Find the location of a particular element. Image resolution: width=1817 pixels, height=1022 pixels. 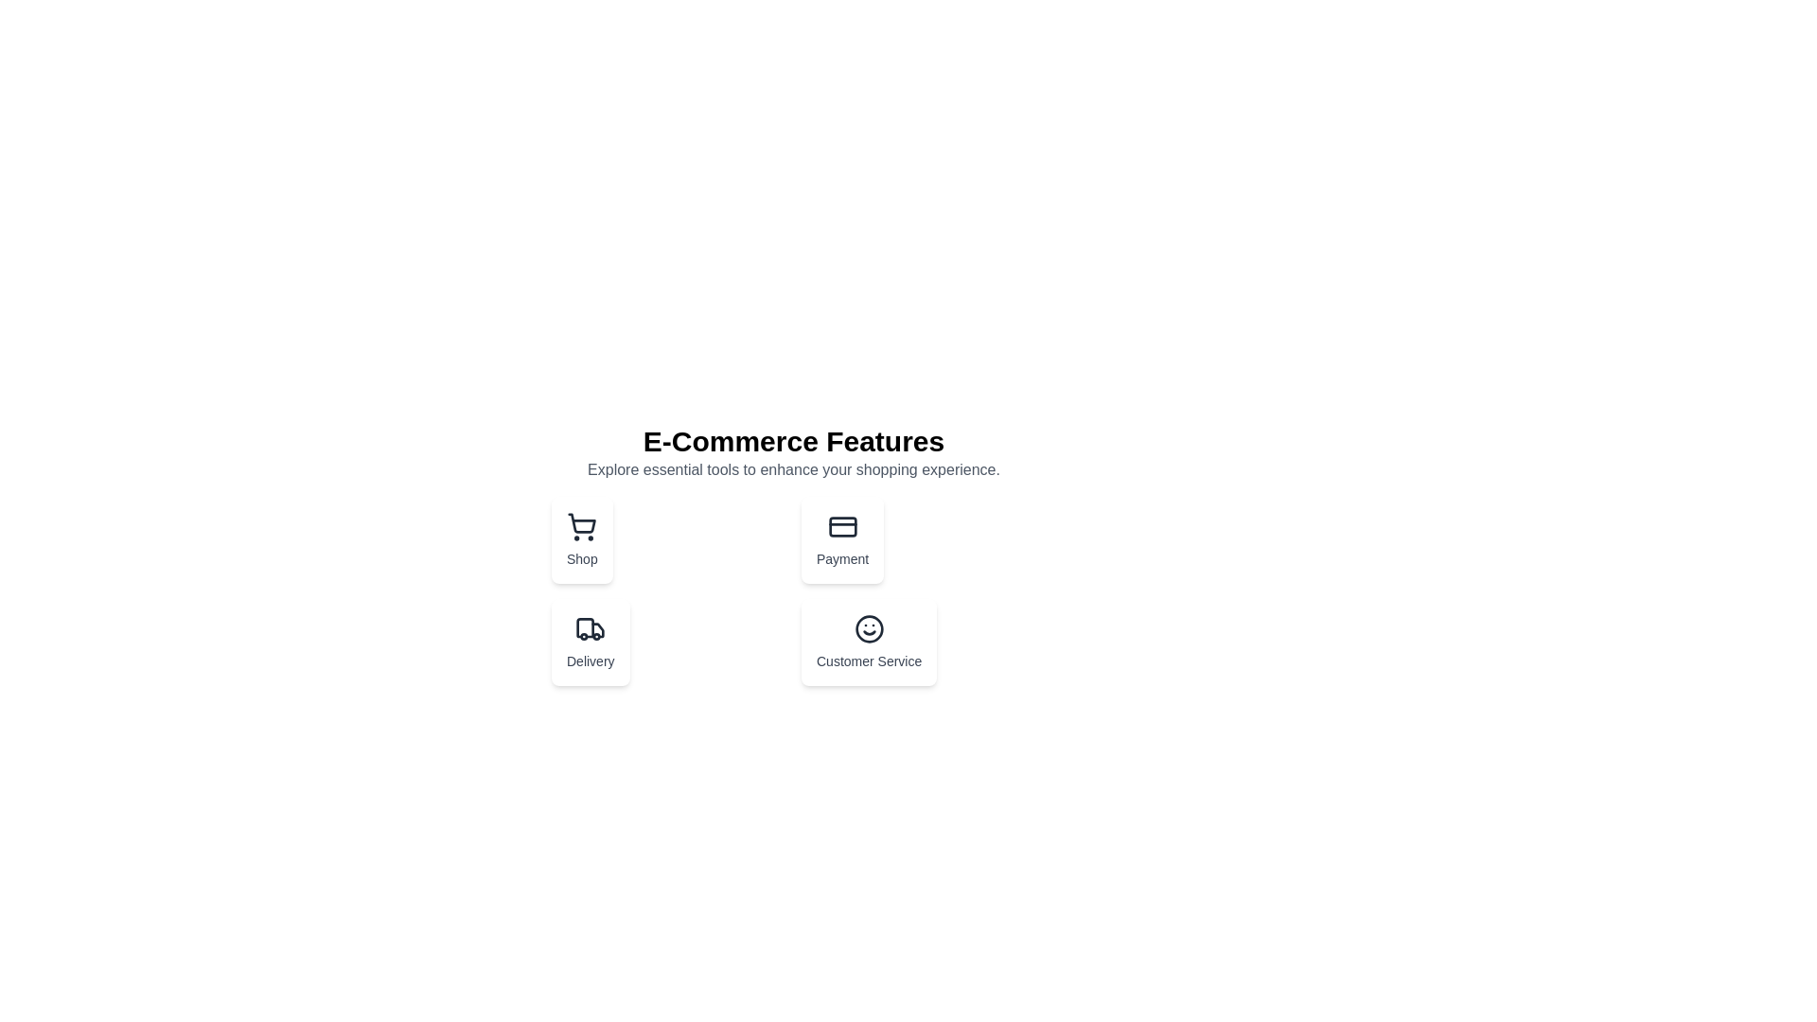

the Circle SVG element that represents the customer service smiley face icon located at the lower right section of the grid below the header 'E-Commerce Features' is located at coordinates (868, 628).